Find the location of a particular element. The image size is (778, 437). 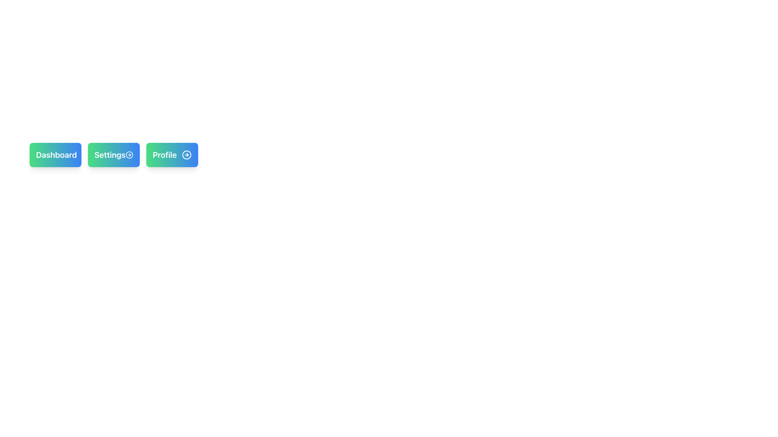

the navigational button located in the first column of the grid layout is located at coordinates (55, 155).